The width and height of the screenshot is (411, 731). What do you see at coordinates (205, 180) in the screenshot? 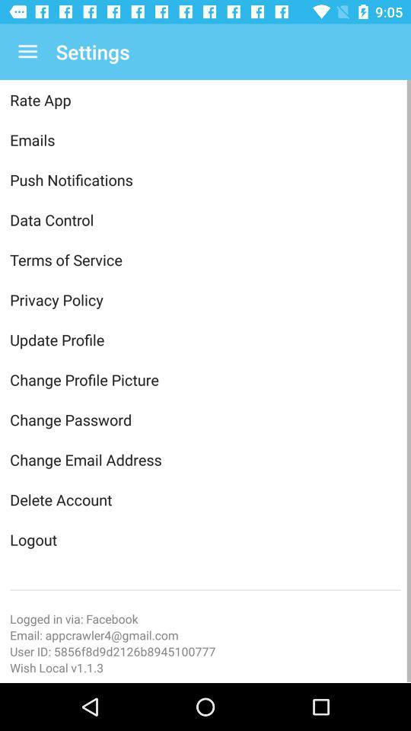
I see `push notifications` at bounding box center [205, 180].